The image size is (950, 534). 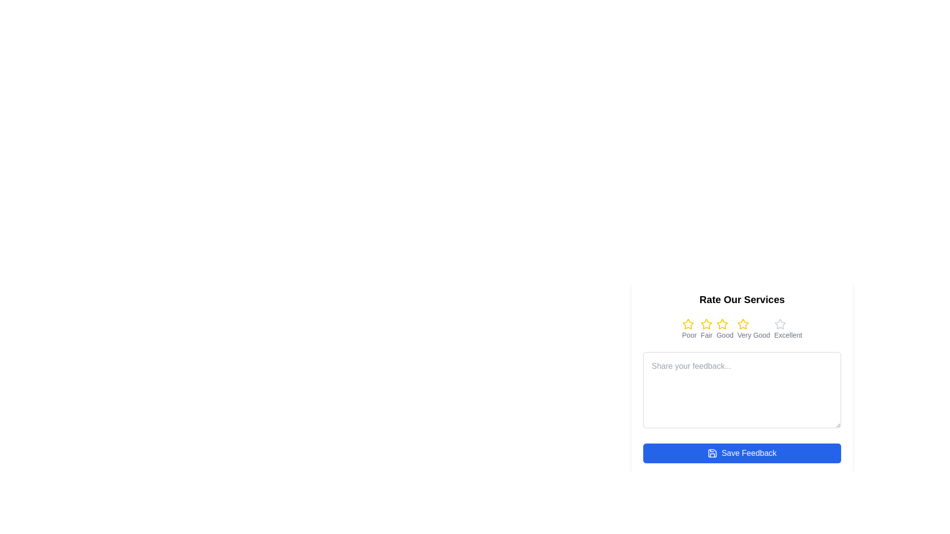 What do you see at coordinates (742, 453) in the screenshot?
I see `the 'Save Feedback' button, which is a rectangular button with rounded corners, blue background, and white text, located at the bottom of the feedback form interface` at bounding box center [742, 453].